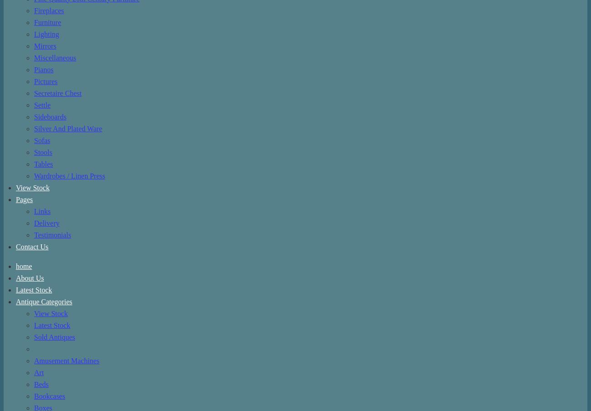 Image resolution: width=591 pixels, height=411 pixels. What do you see at coordinates (67, 129) in the screenshot?
I see `'Silver  And  Plated Ware'` at bounding box center [67, 129].